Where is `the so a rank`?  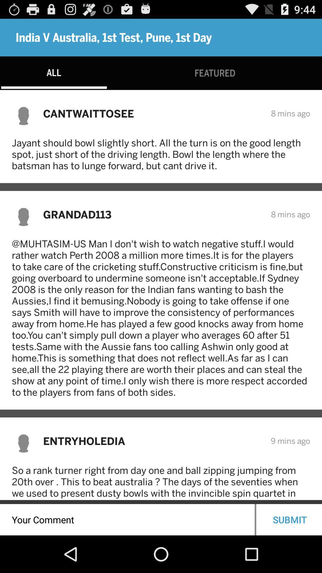
the so a rank is located at coordinates (161, 482).